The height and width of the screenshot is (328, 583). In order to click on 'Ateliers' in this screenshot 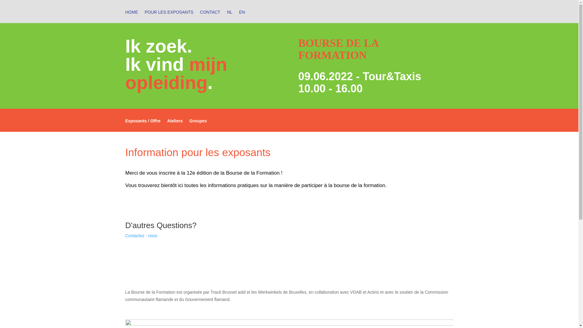, I will do `click(174, 125)`.